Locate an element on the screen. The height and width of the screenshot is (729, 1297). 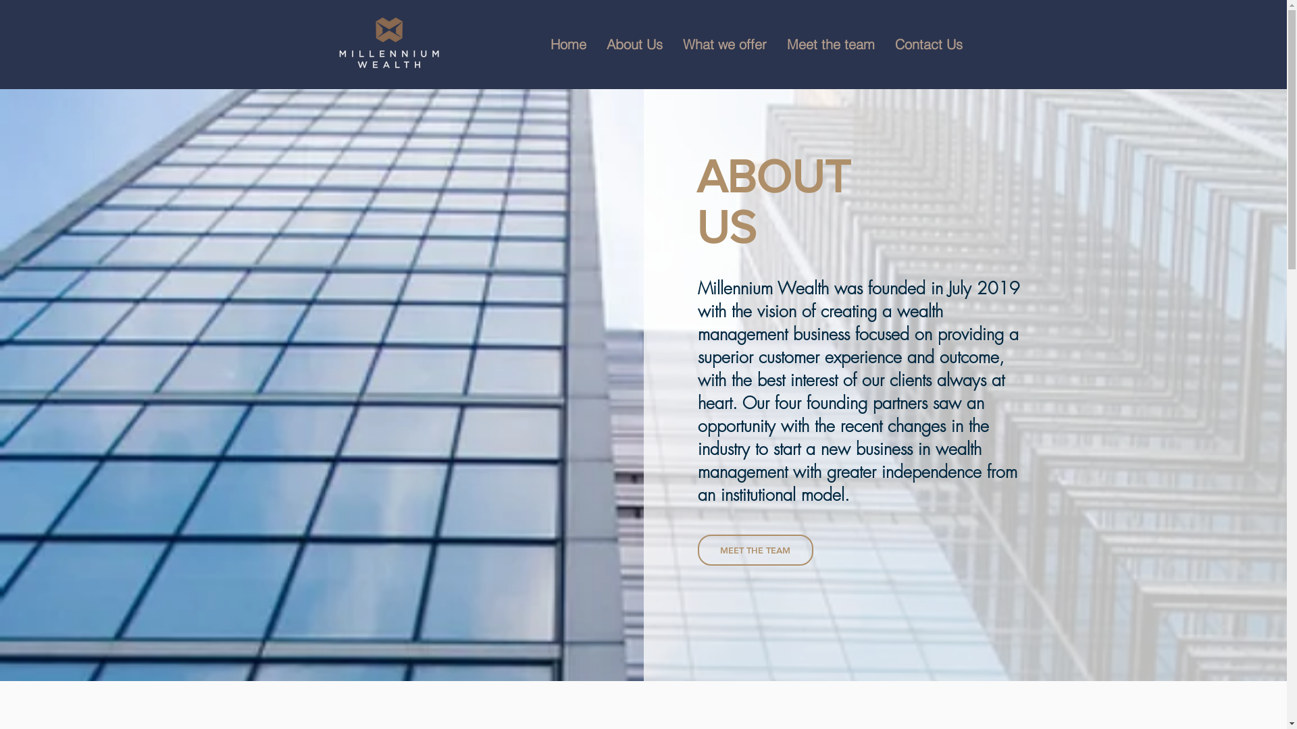
'About Us' is located at coordinates (633, 43).